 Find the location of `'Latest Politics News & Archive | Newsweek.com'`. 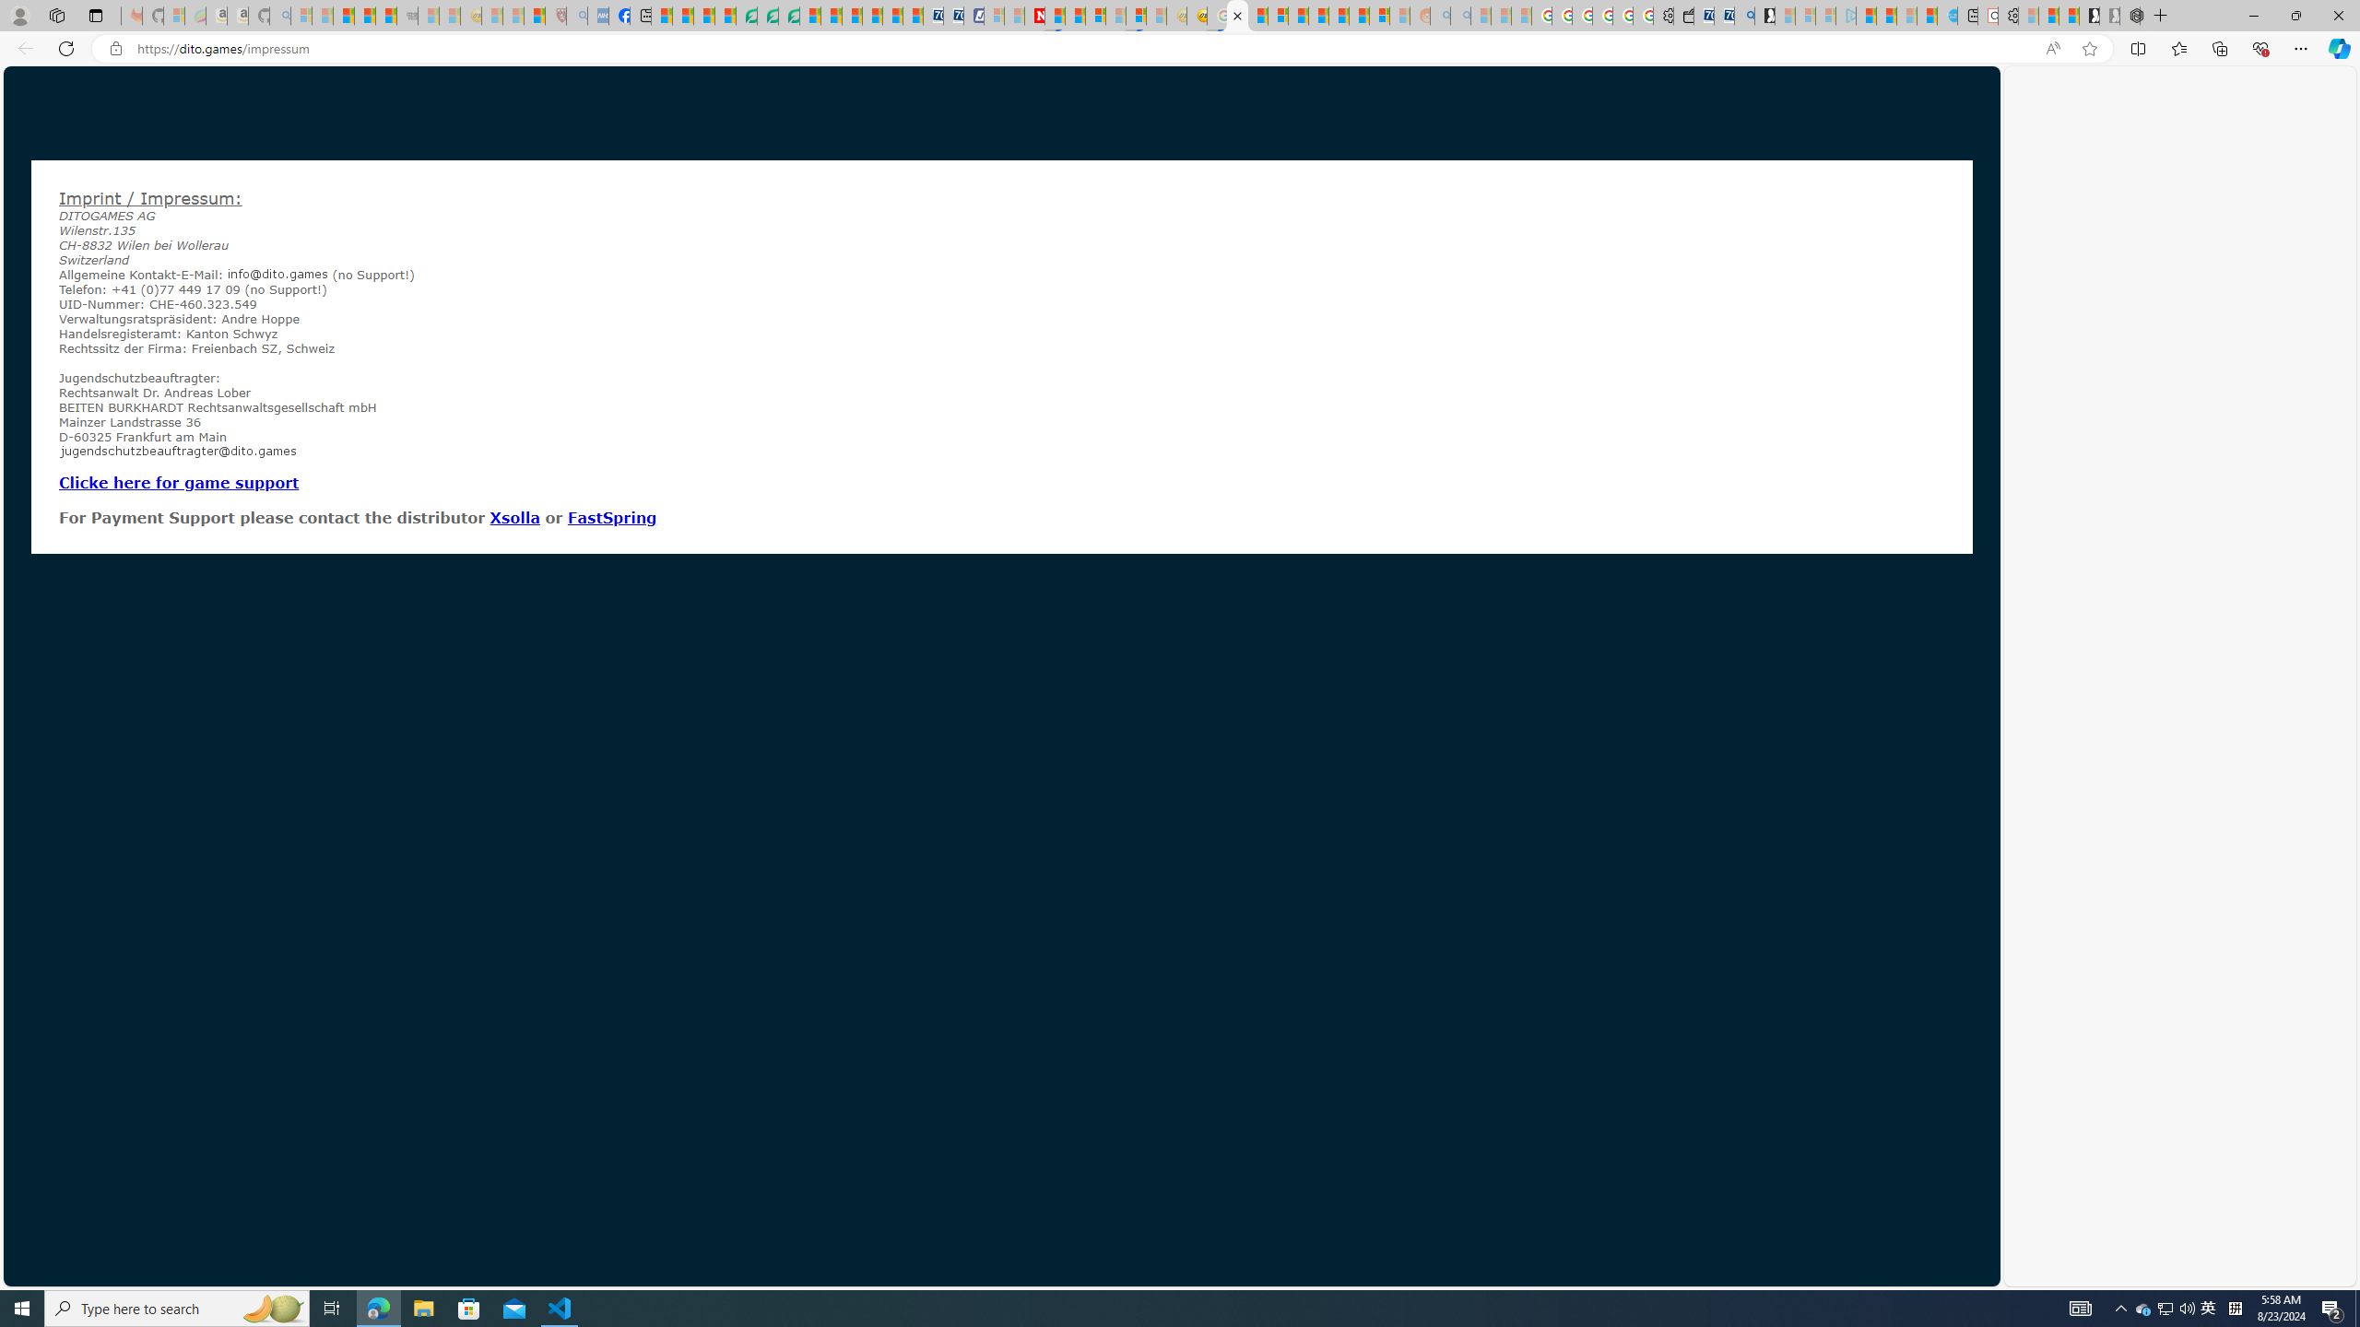

'Latest Politics News & Archive | Newsweek.com' is located at coordinates (1033, 15).